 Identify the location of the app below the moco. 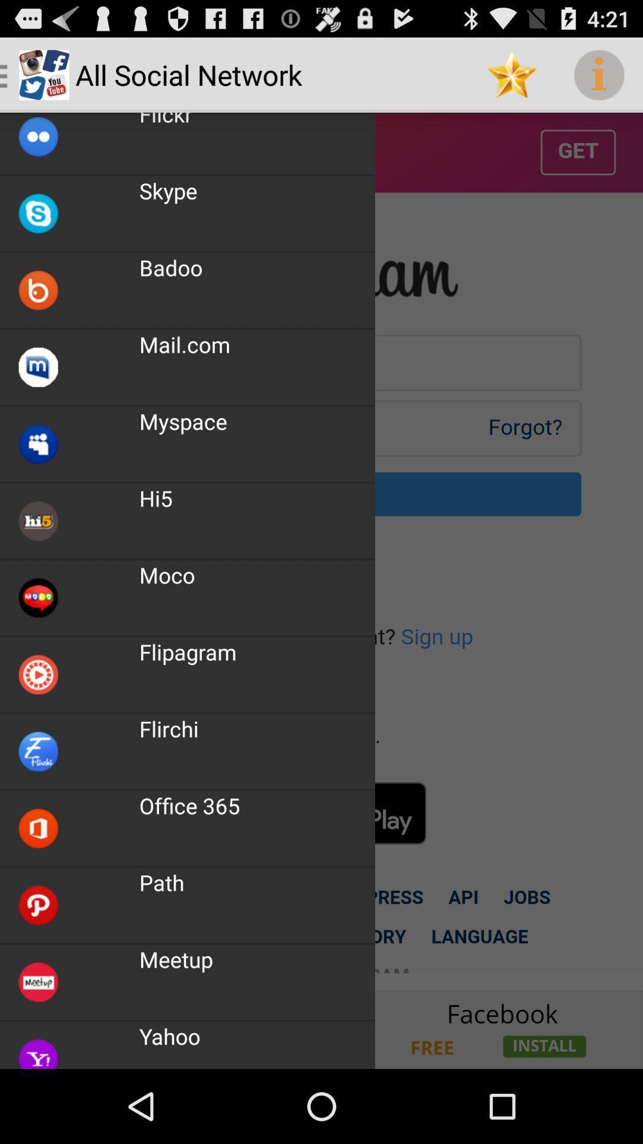
(188, 651).